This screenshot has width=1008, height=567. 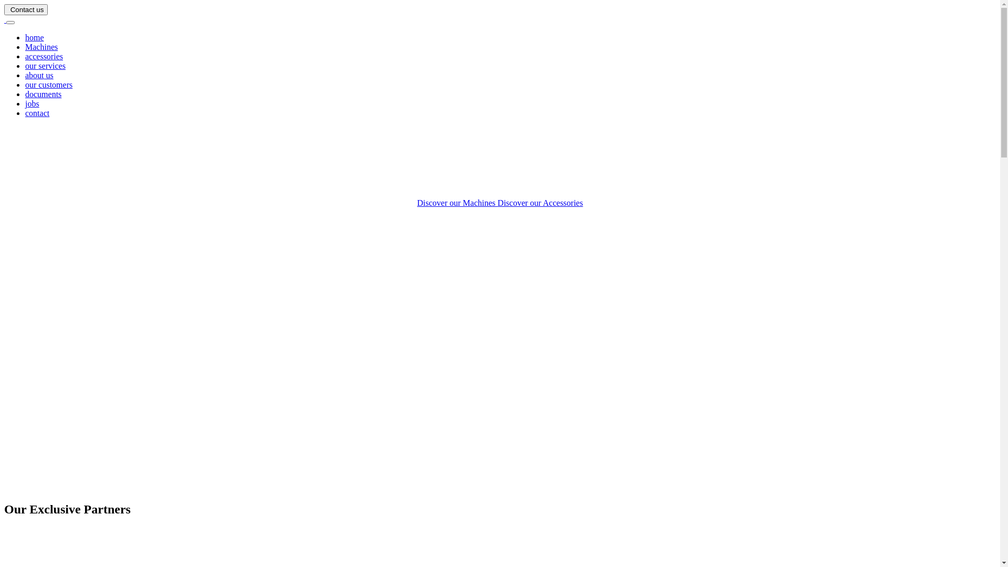 I want to click on 'documents', so click(x=43, y=93).